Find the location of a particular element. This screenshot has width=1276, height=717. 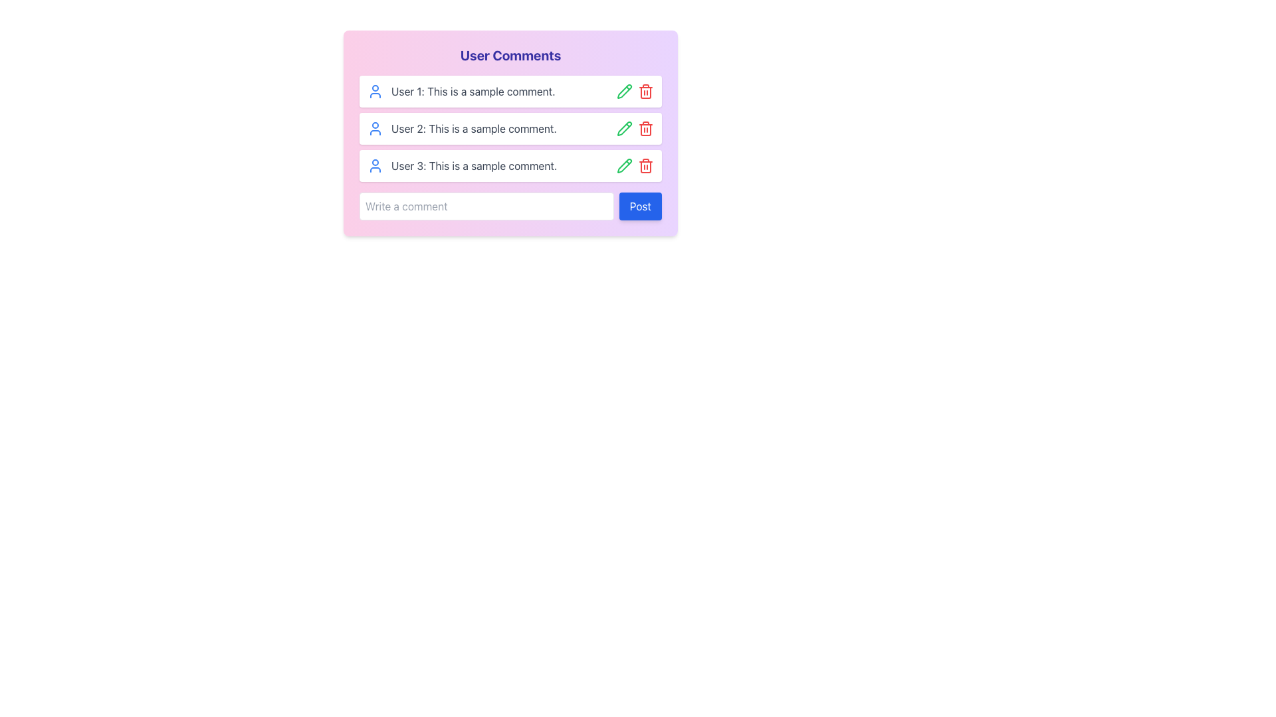

the outlined blue user icon located at the leftmost part of the user comment box for 'User 1: This is a sample comment.' is located at coordinates (375, 91).